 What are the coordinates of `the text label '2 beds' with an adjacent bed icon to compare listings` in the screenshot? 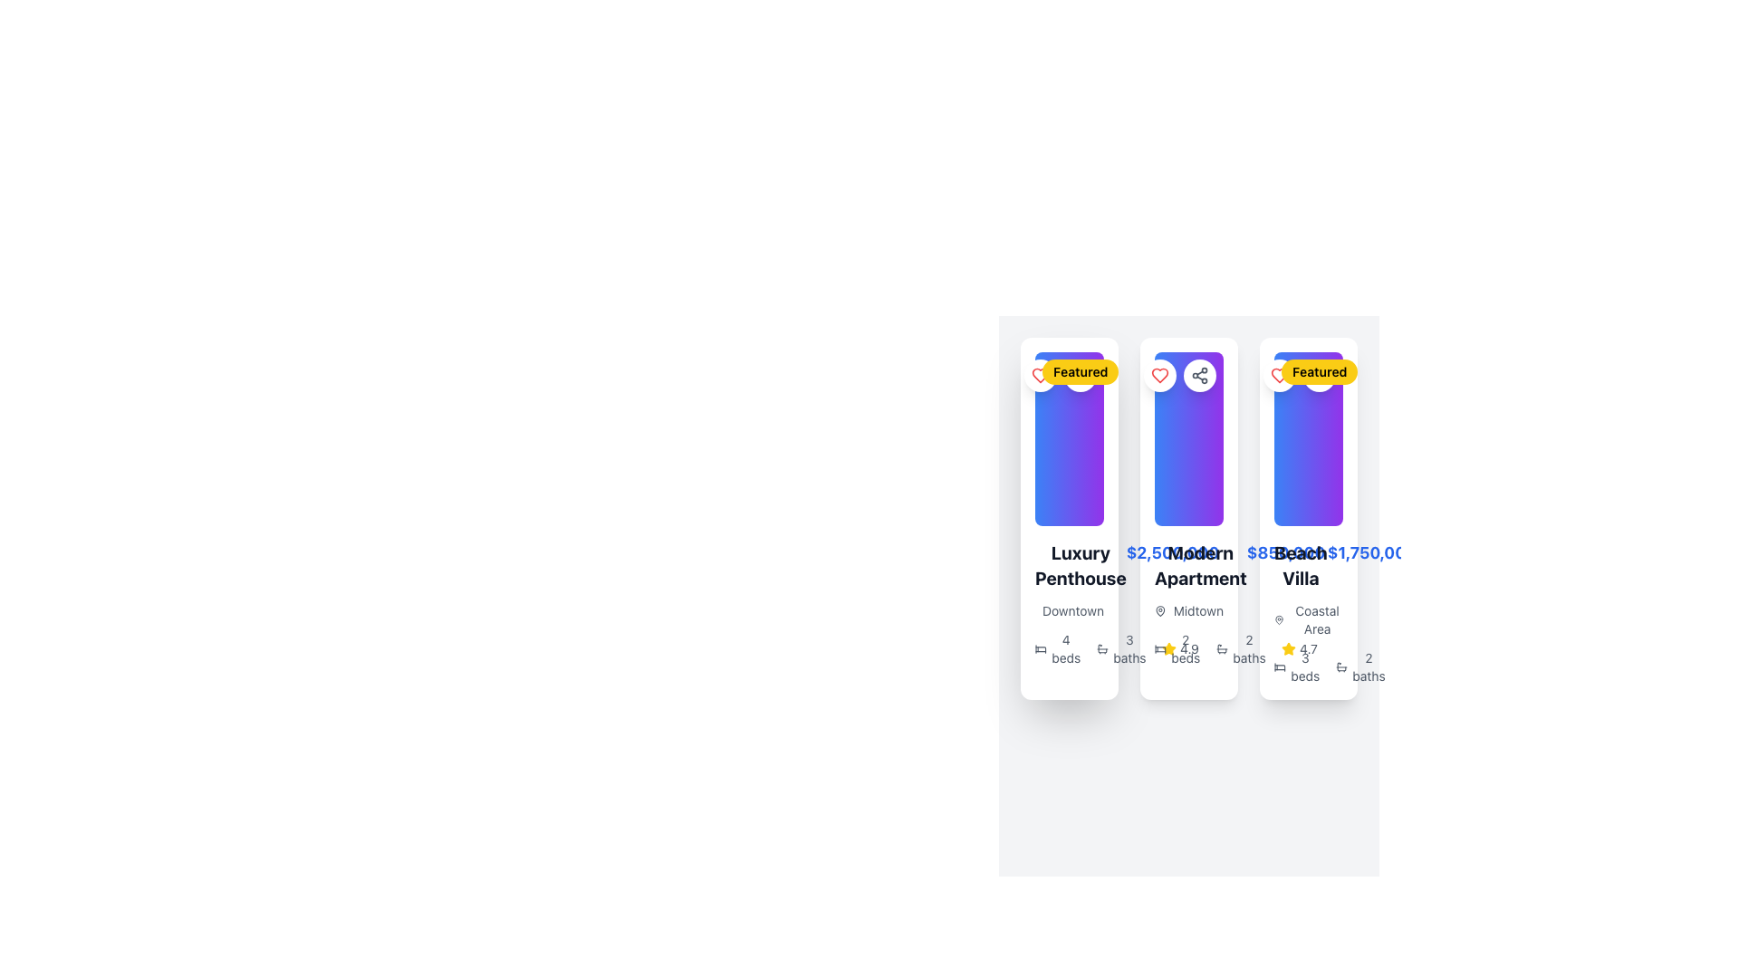 It's located at (1177, 648).